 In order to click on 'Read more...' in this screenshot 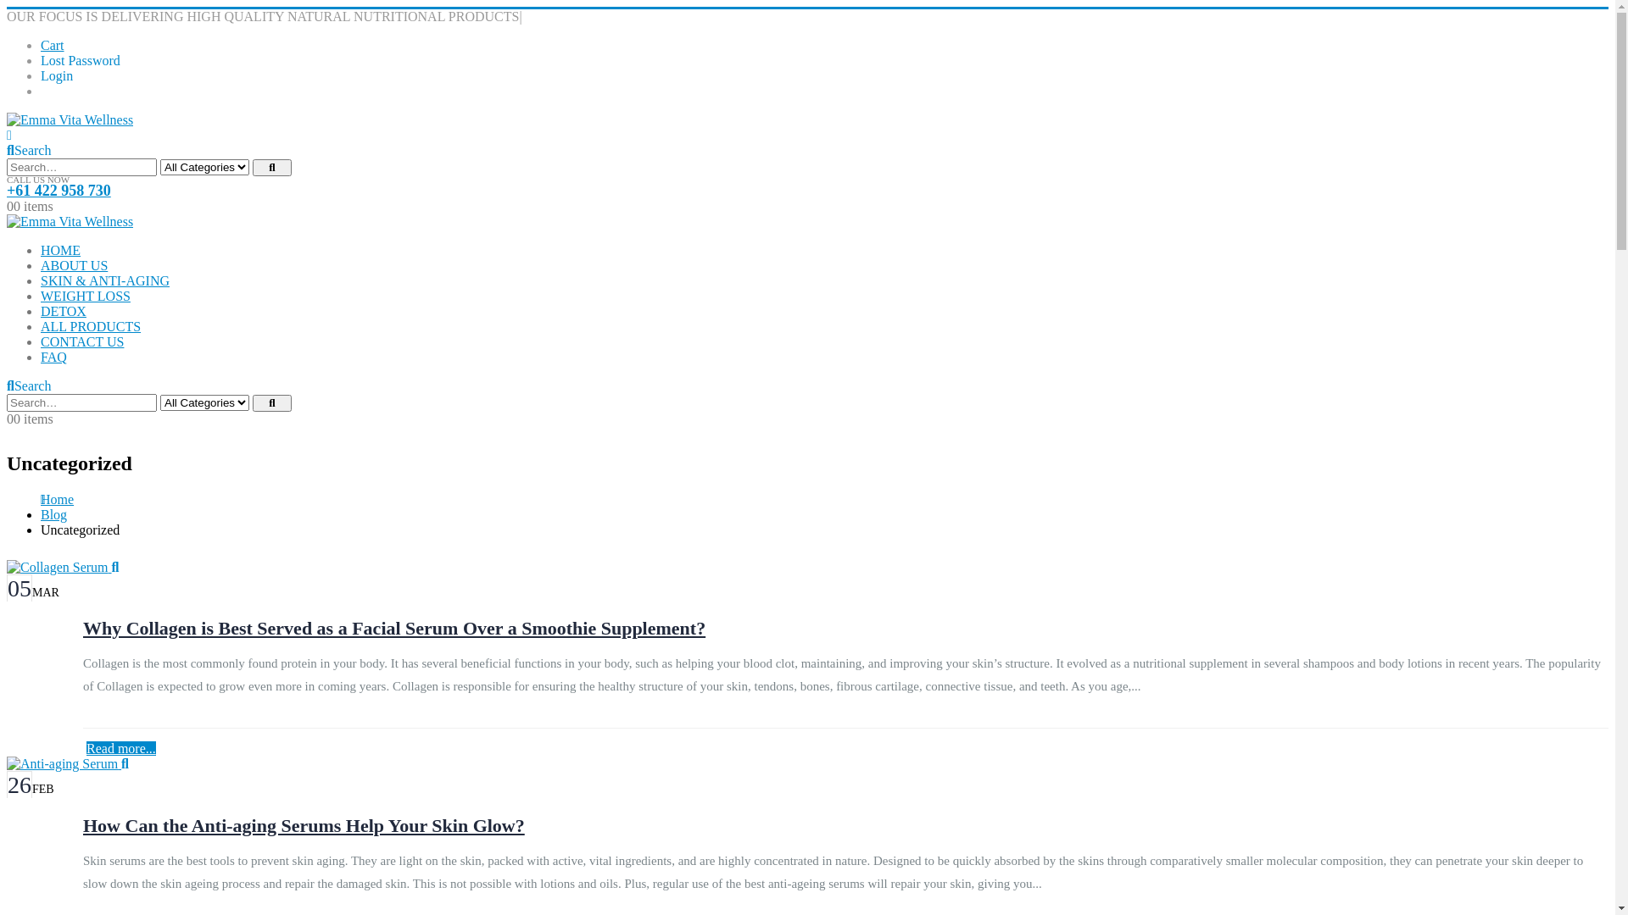, I will do `click(120, 747)`.